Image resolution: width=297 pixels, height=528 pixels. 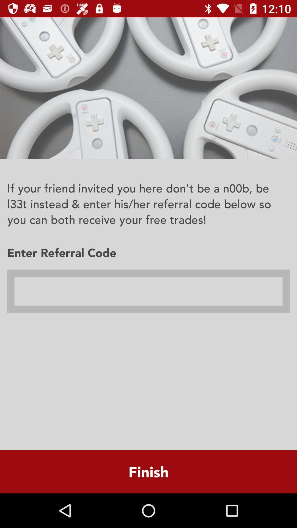 What do you see at coordinates (148, 471) in the screenshot?
I see `finish` at bounding box center [148, 471].